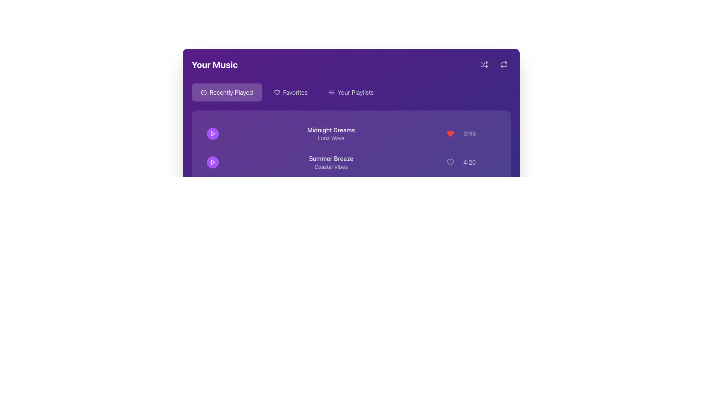  What do you see at coordinates (276, 92) in the screenshot?
I see `the 'Favorites' icon located in the navigation header, positioned between the 'Recently Played' icon and the text 'Favorites' to interact with the favorites section` at bounding box center [276, 92].